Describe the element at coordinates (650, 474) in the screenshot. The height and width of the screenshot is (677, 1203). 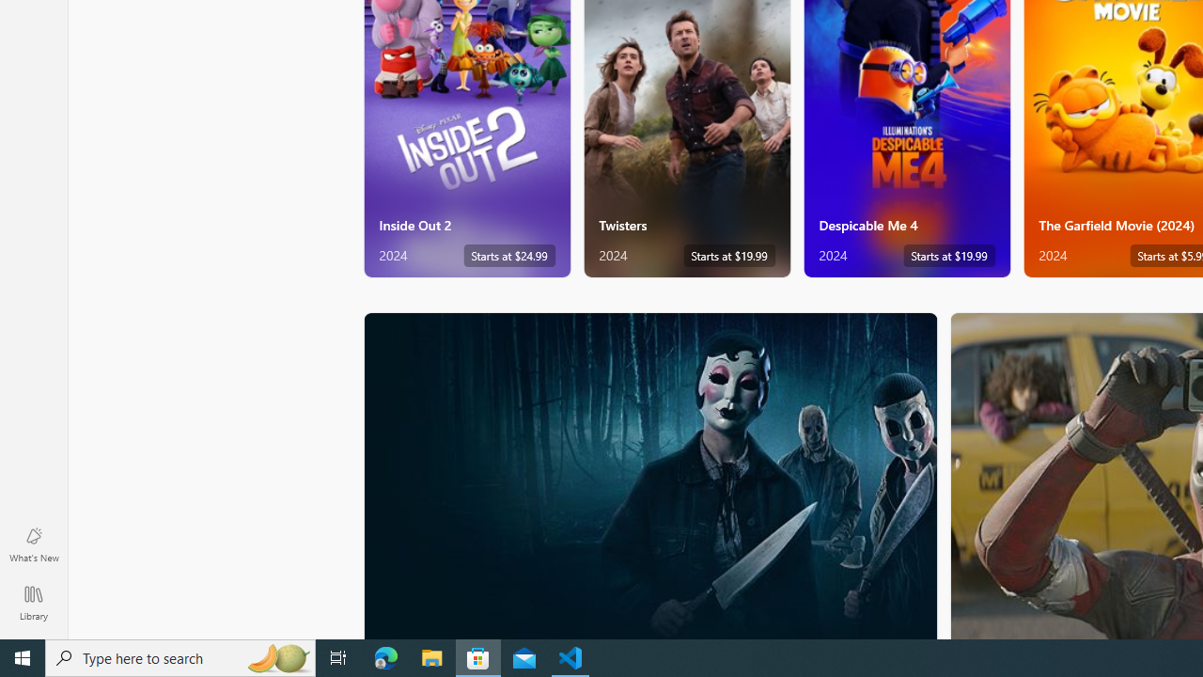
I see `'Horror'` at that location.